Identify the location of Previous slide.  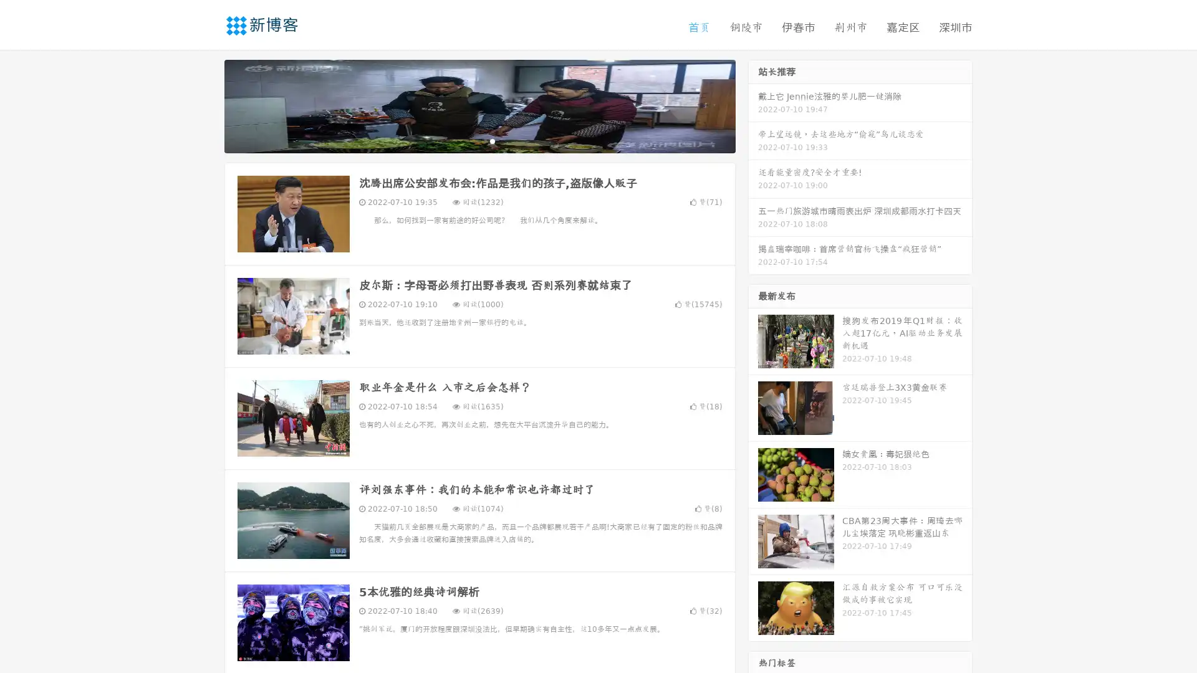
(206, 105).